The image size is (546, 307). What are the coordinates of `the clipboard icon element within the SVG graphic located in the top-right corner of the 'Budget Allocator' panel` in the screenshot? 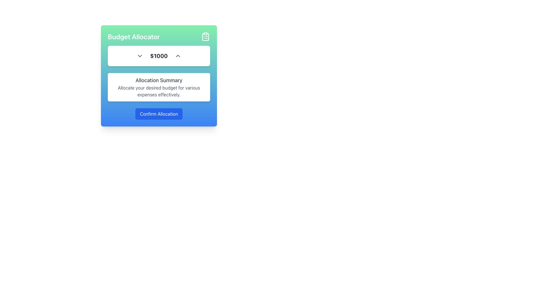 It's located at (205, 37).